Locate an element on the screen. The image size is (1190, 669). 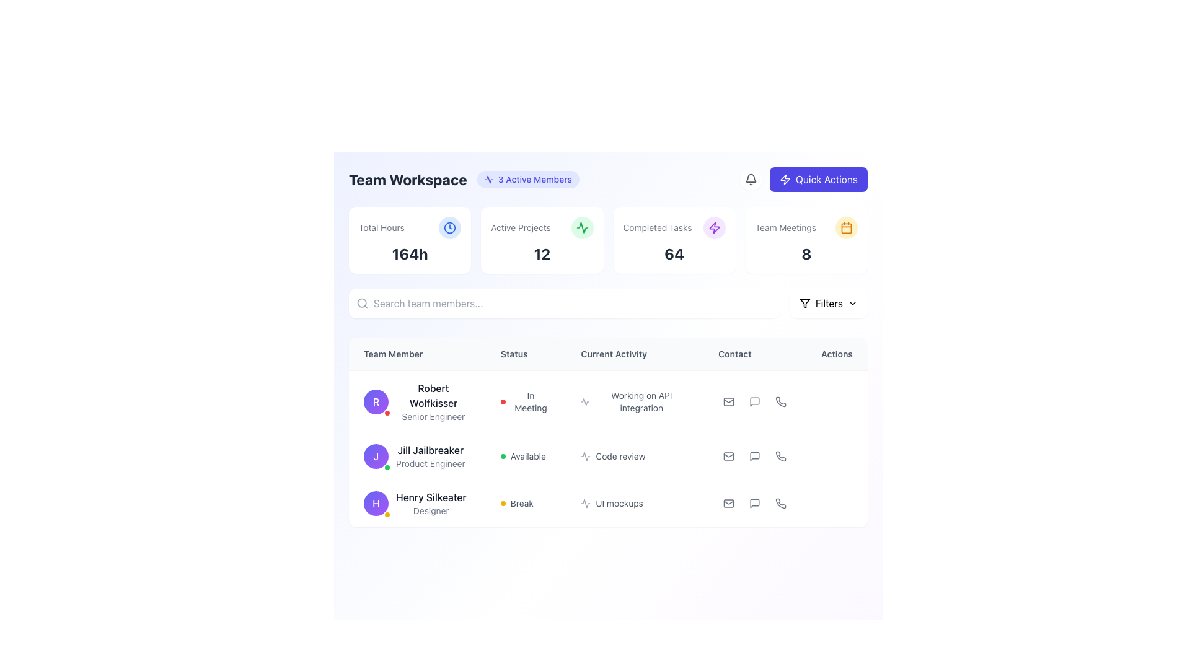
the informational label with a decorative icon indicating the current activity status of team member 'Henry Silkeater', located under the 'Current Activity' column in the table is located at coordinates (635, 504).